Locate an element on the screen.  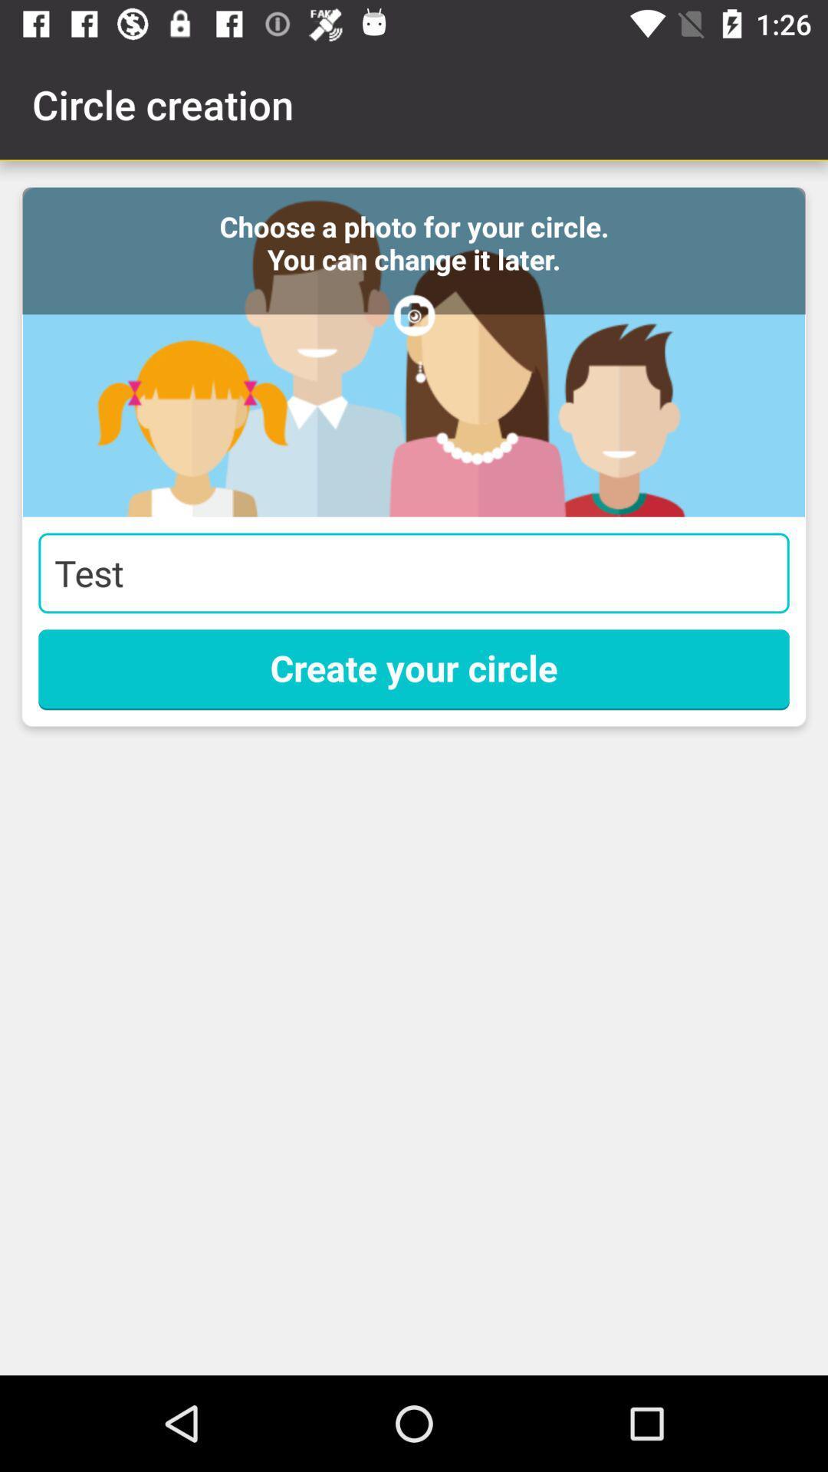
choosing a photo for your circle is located at coordinates (414, 351).